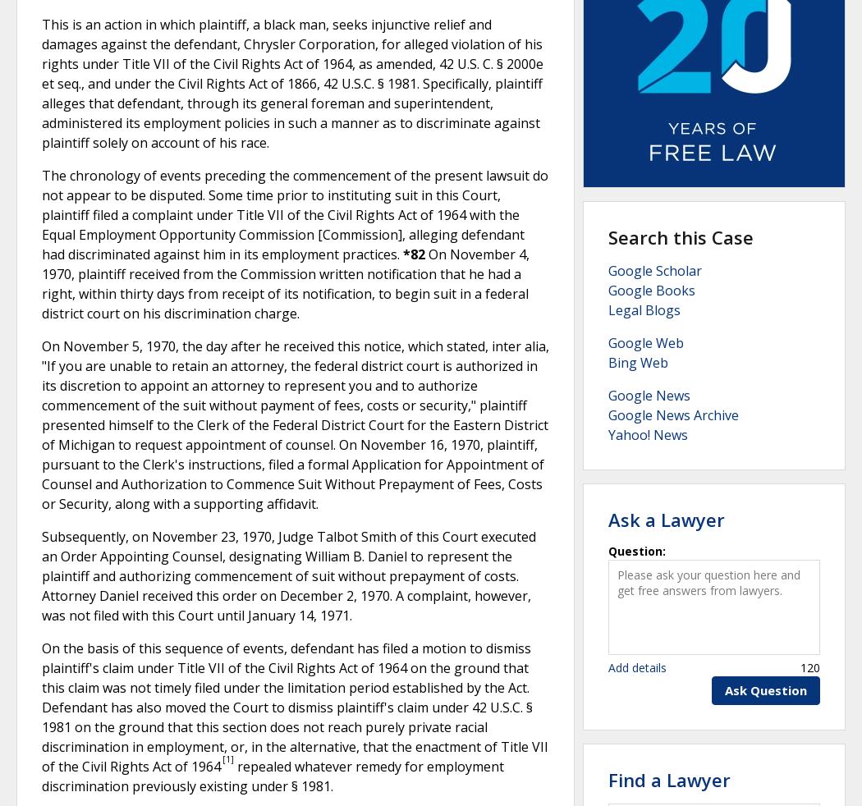 The image size is (862, 806). I want to click on 'Legal Blogs', so click(644, 309).